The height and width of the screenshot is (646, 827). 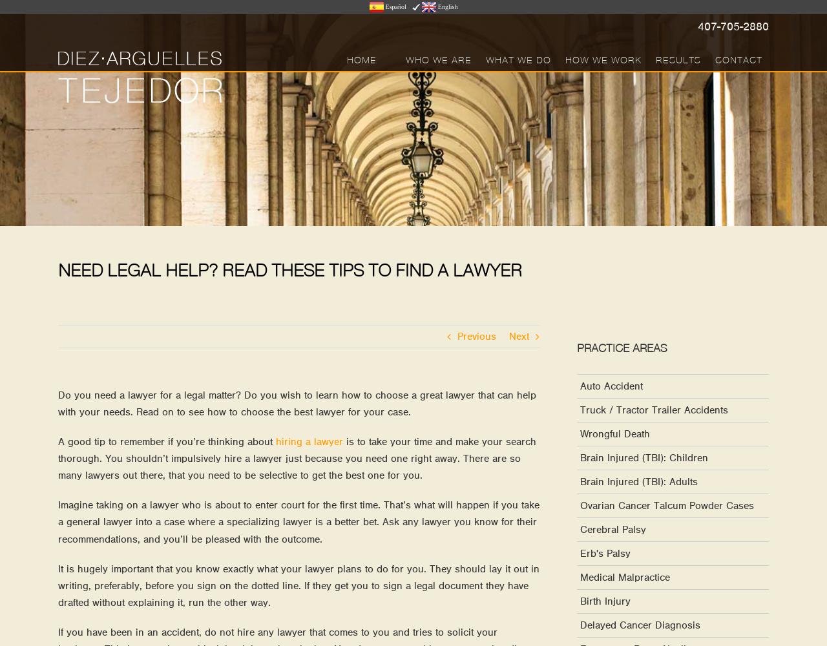 I want to click on 'Delayed Cancer', so click(x=329, y=302).